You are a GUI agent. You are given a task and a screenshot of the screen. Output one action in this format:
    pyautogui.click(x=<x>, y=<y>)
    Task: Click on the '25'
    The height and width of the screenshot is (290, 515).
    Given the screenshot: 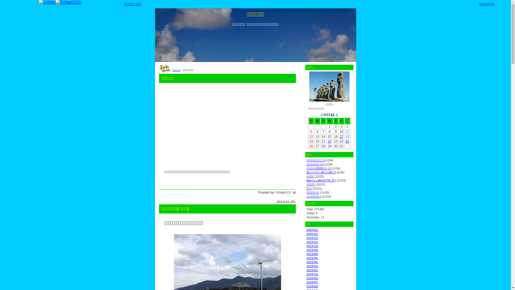 What is the action you would take?
    pyautogui.click(x=347, y=141)
    